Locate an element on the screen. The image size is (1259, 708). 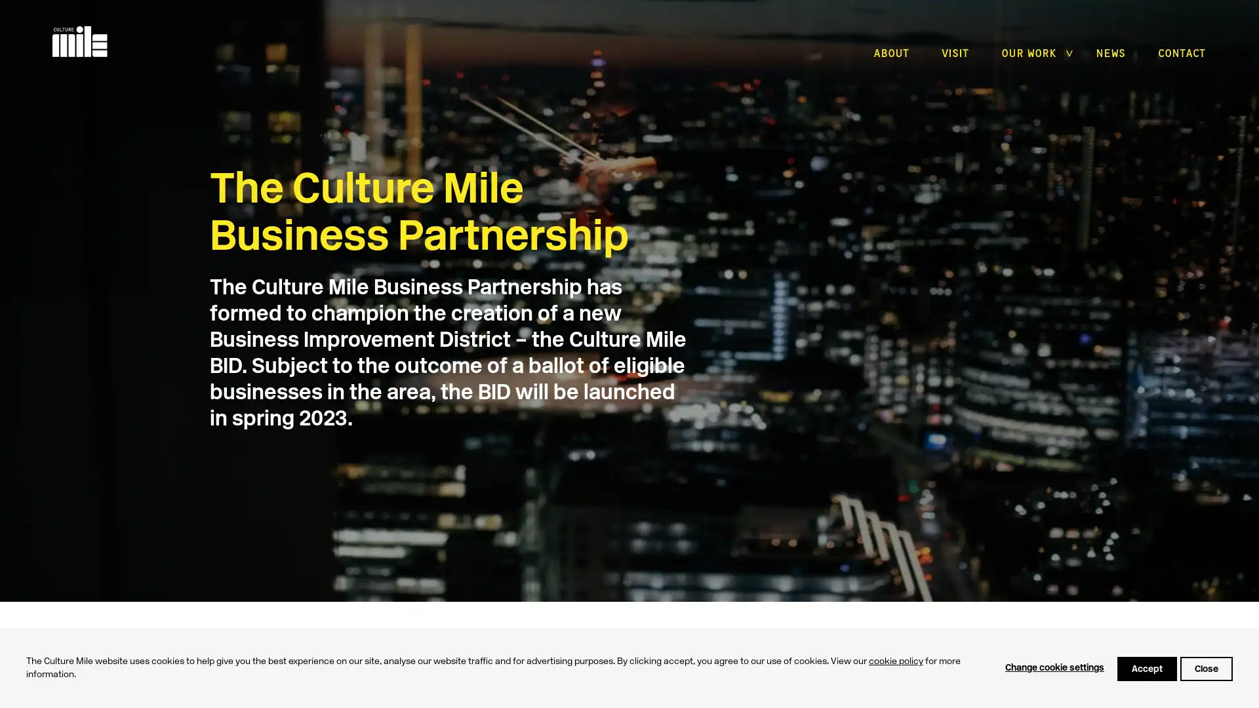
Close is located at coordinates (1206, 668).